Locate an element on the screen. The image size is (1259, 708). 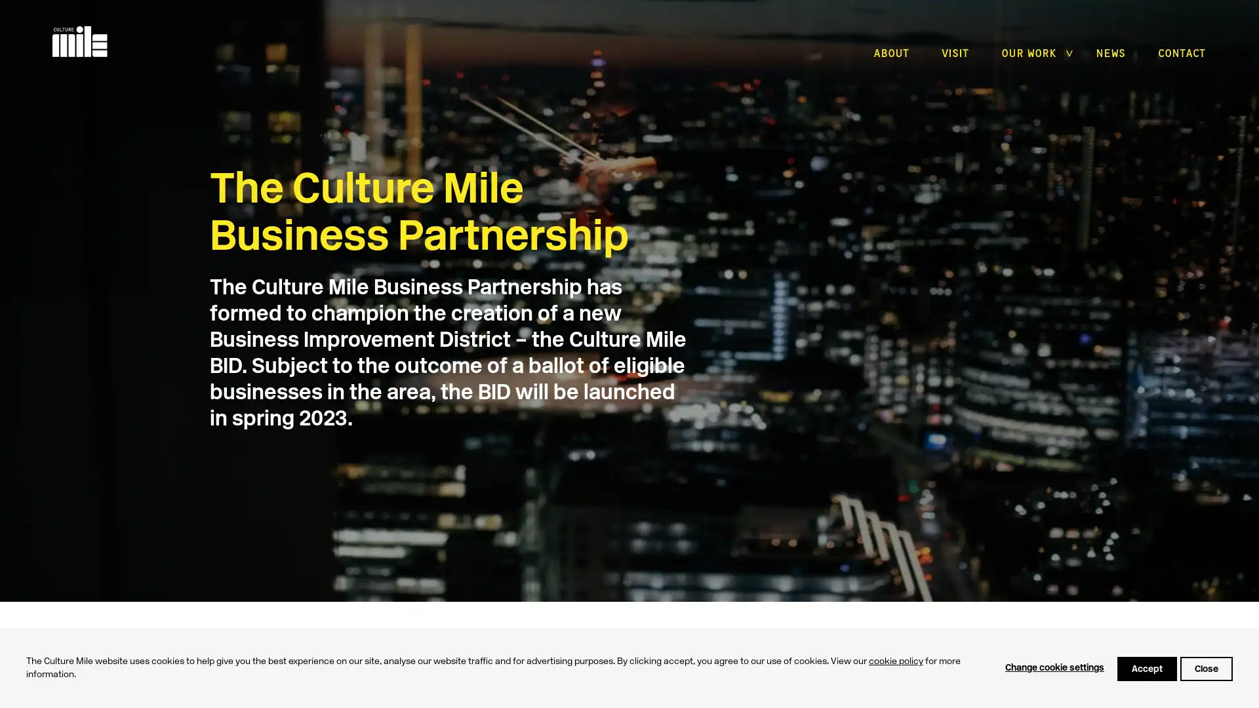
Close is located at coordinates (1206, 668).